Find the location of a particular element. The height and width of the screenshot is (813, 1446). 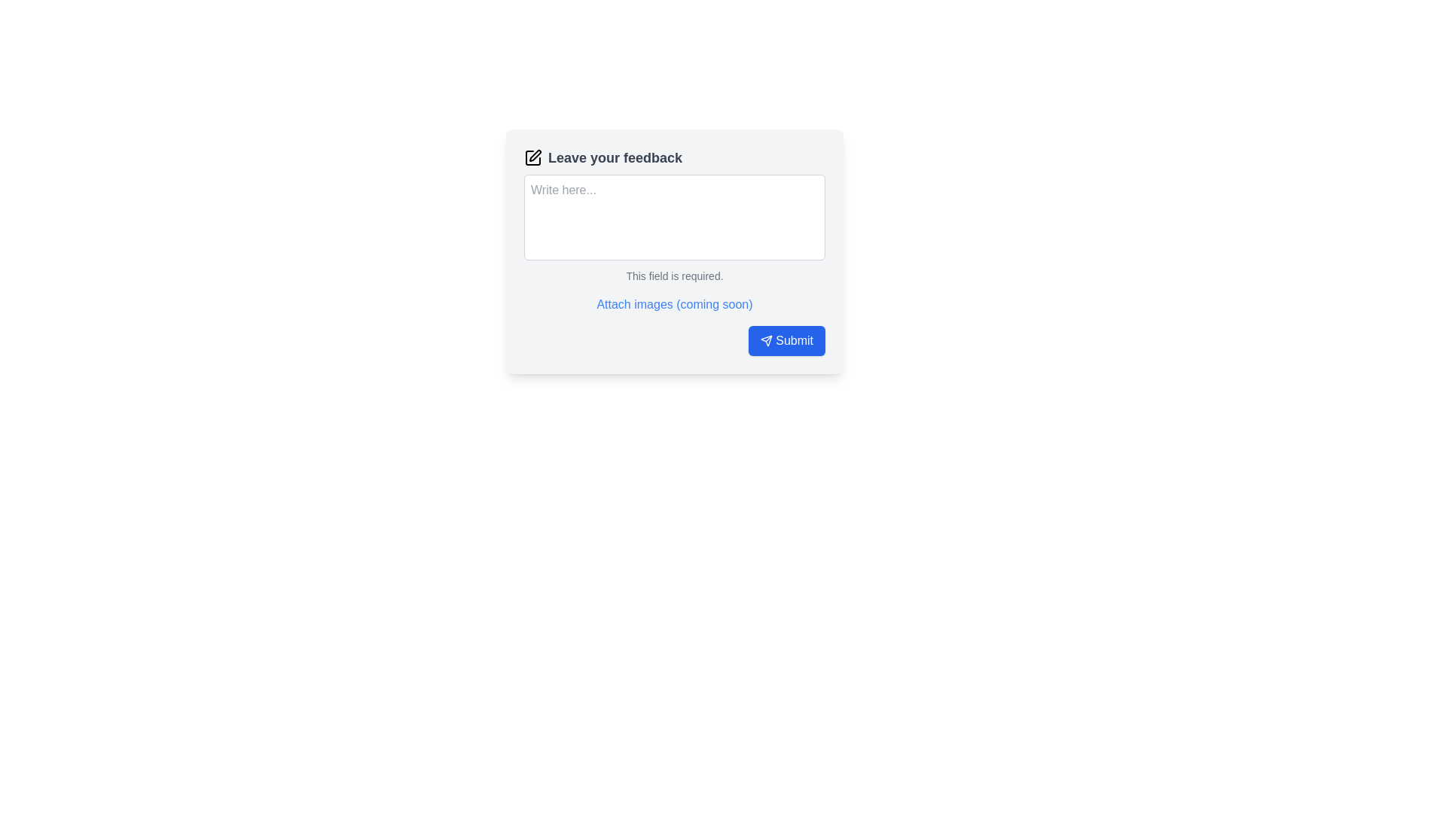

the stylized paper airplane icon in the bottom-right corner of the feedback form, which symbolizes sending or forwarding actions is located at coordinates (767, 340).